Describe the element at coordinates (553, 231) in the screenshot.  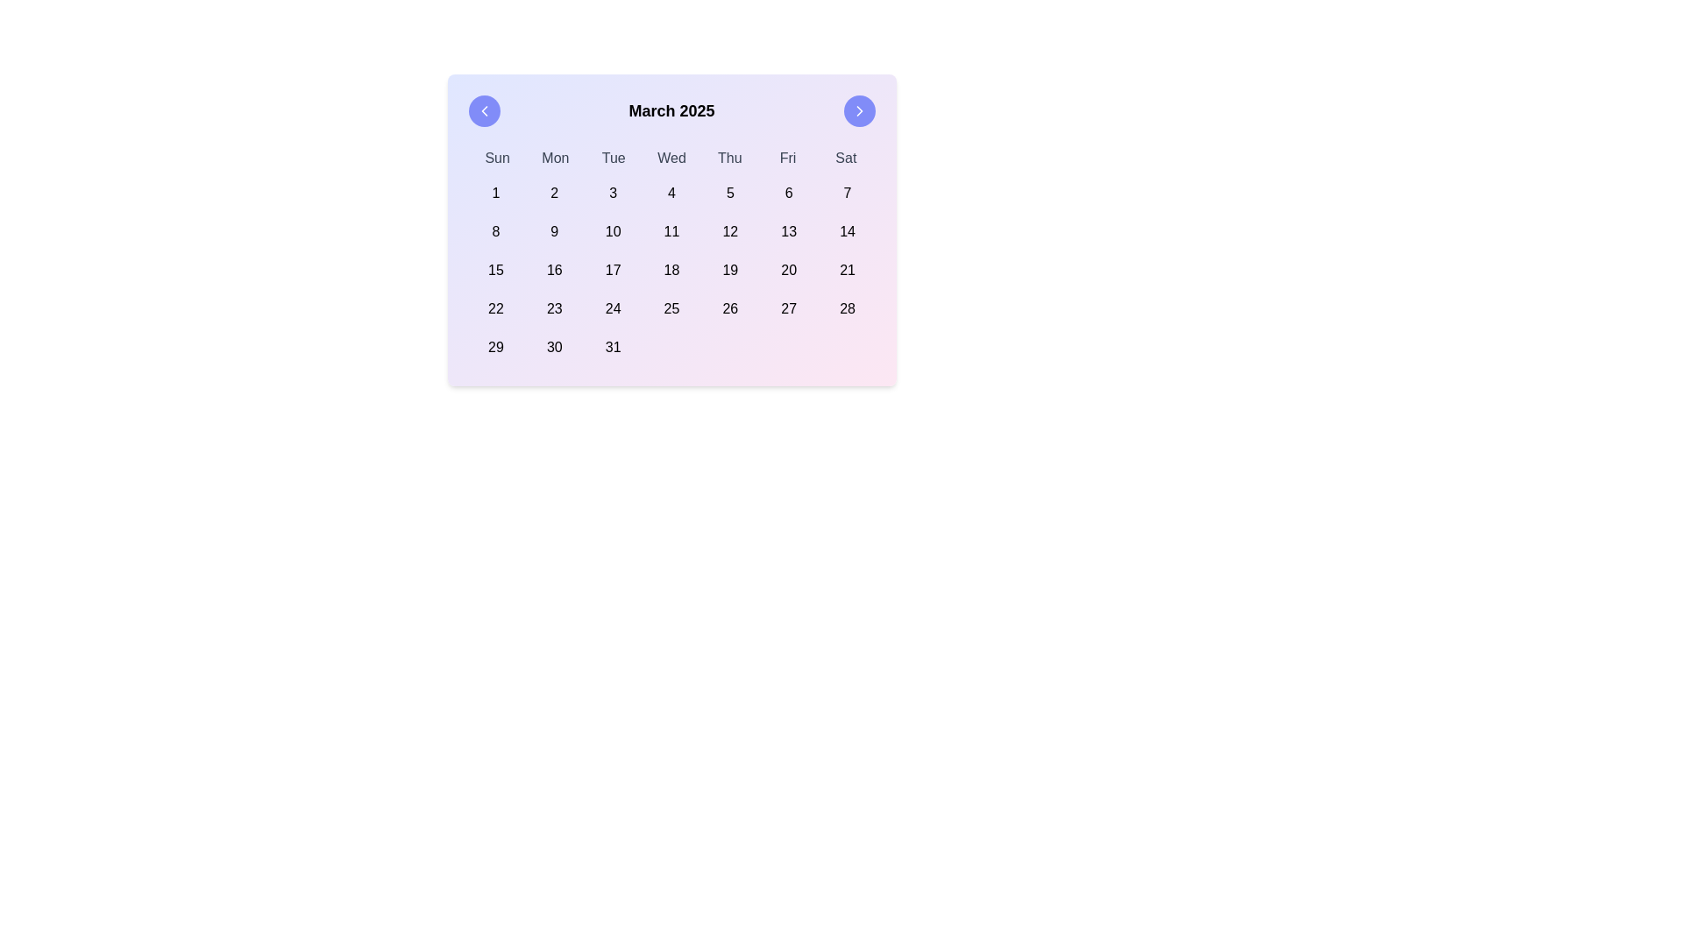
I see `the selectable day '9' in the calendar` at that location.